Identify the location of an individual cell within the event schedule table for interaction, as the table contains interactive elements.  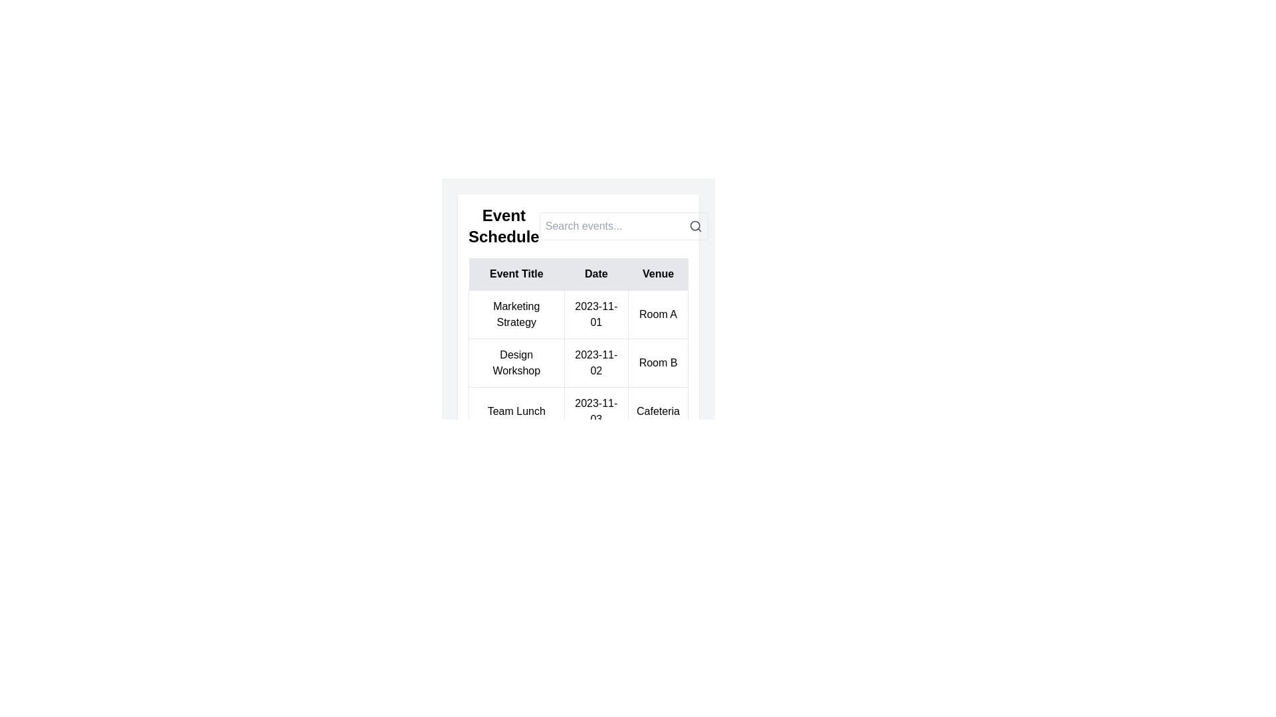
(578, 290).